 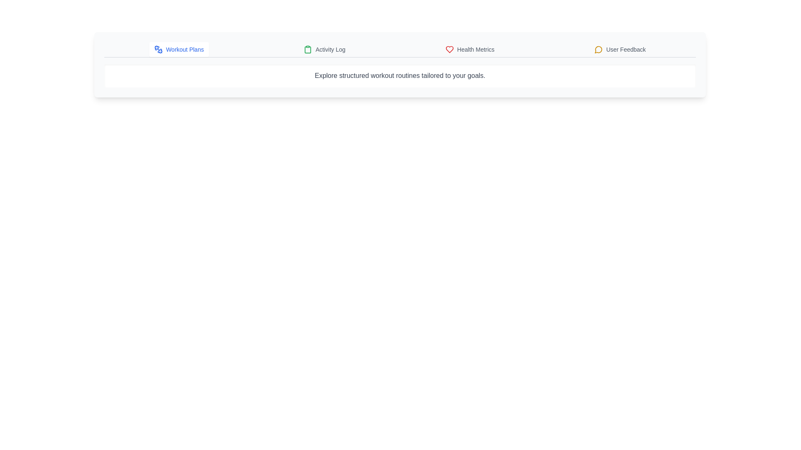 I want to click on the 'Workout Plans' text label located in the navigation bar at the top of the interface, so click(x=184, y=50).